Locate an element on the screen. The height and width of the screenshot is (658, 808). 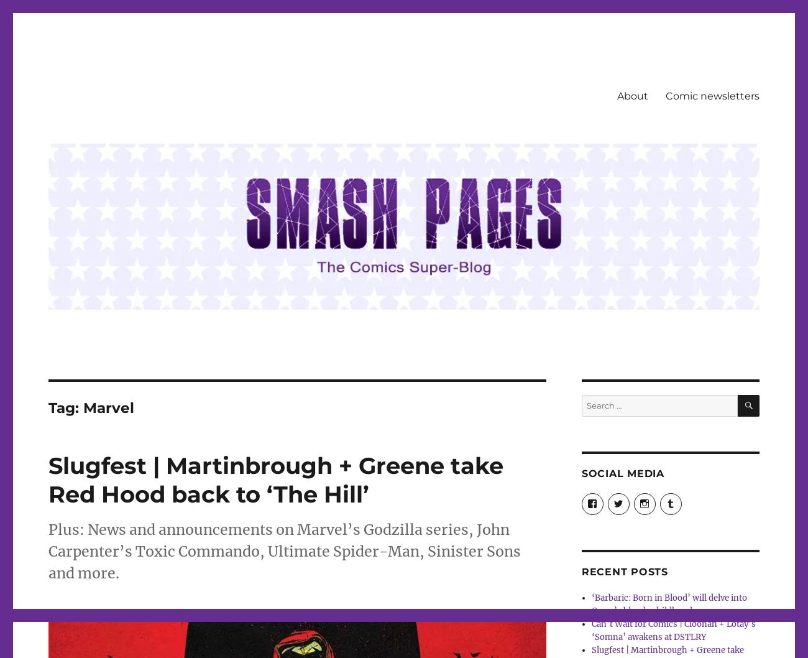
'Can’t Wait for Comics | Cloonan + Lotay’s ‘Somna’ awakens at DSTLRY' is located at coordinates (673, 629).